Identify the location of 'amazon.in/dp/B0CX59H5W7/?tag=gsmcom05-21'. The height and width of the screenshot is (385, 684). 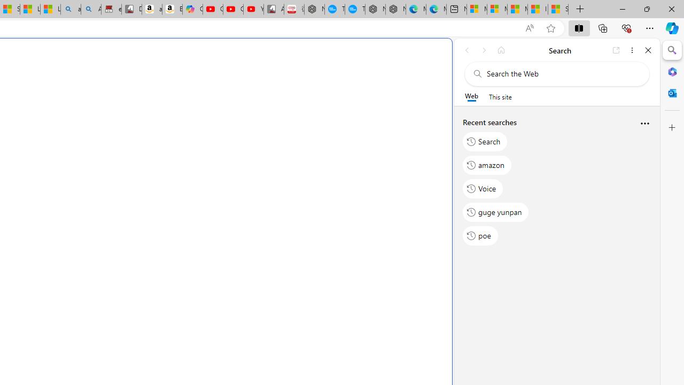
(151, 9).